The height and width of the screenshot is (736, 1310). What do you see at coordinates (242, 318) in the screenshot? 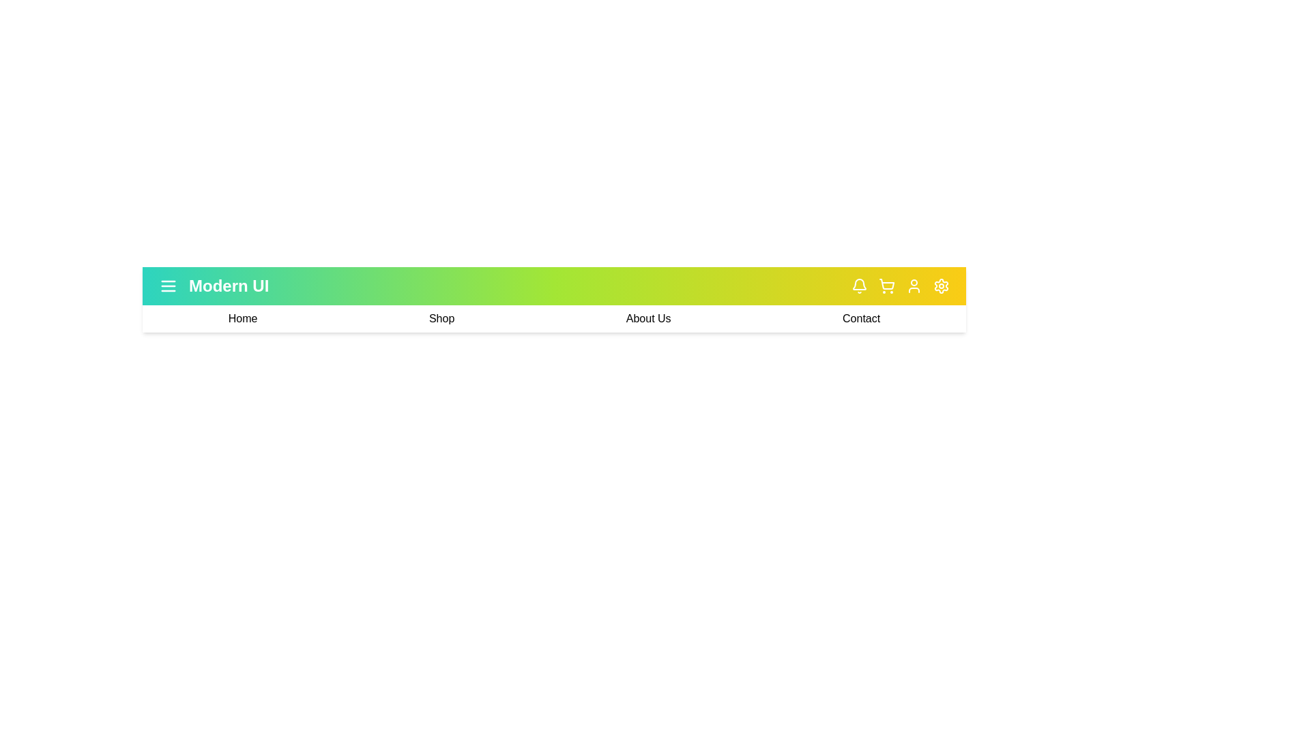
I see `the 'Home' navigation link` at bounding box center [242, 318].